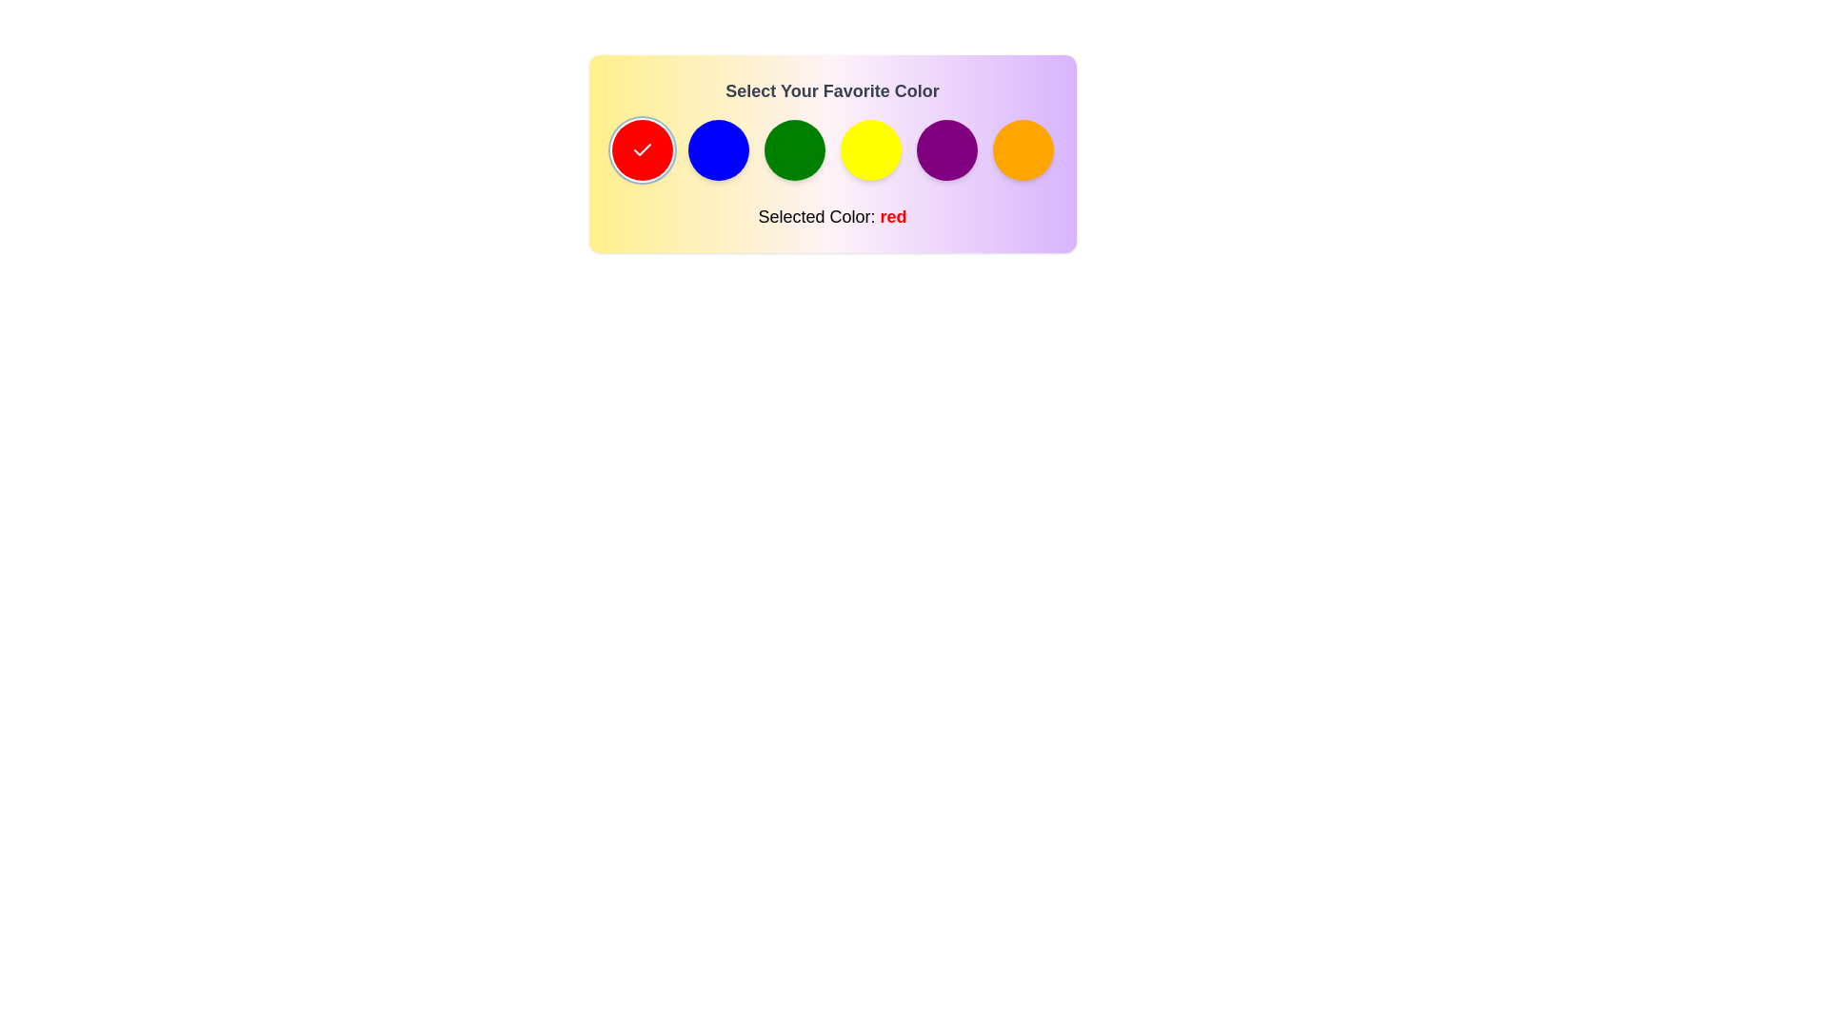  Describe the element at coordinates (1022, 149) in the screenshot. I see `the color orange from the palette` at that location.